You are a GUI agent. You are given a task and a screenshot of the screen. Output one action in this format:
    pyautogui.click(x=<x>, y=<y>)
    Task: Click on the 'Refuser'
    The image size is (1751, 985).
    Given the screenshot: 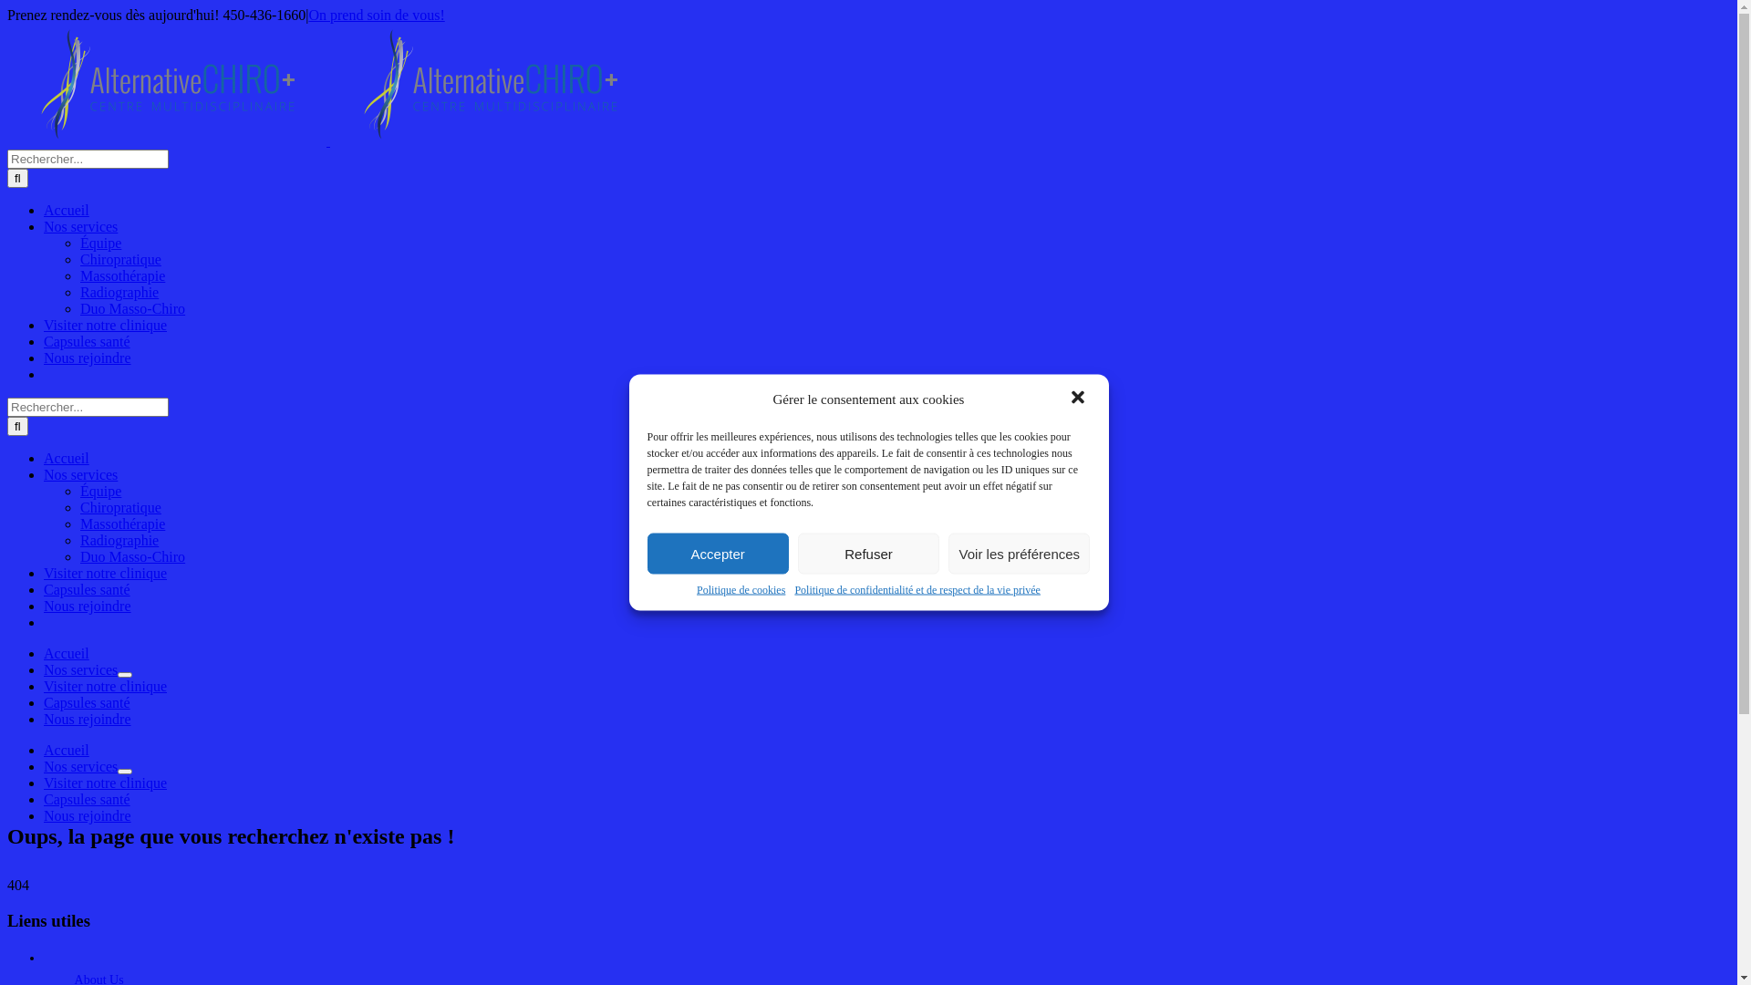 What is the action you would take?
    pyautogui.click(x=797, y=552)
    